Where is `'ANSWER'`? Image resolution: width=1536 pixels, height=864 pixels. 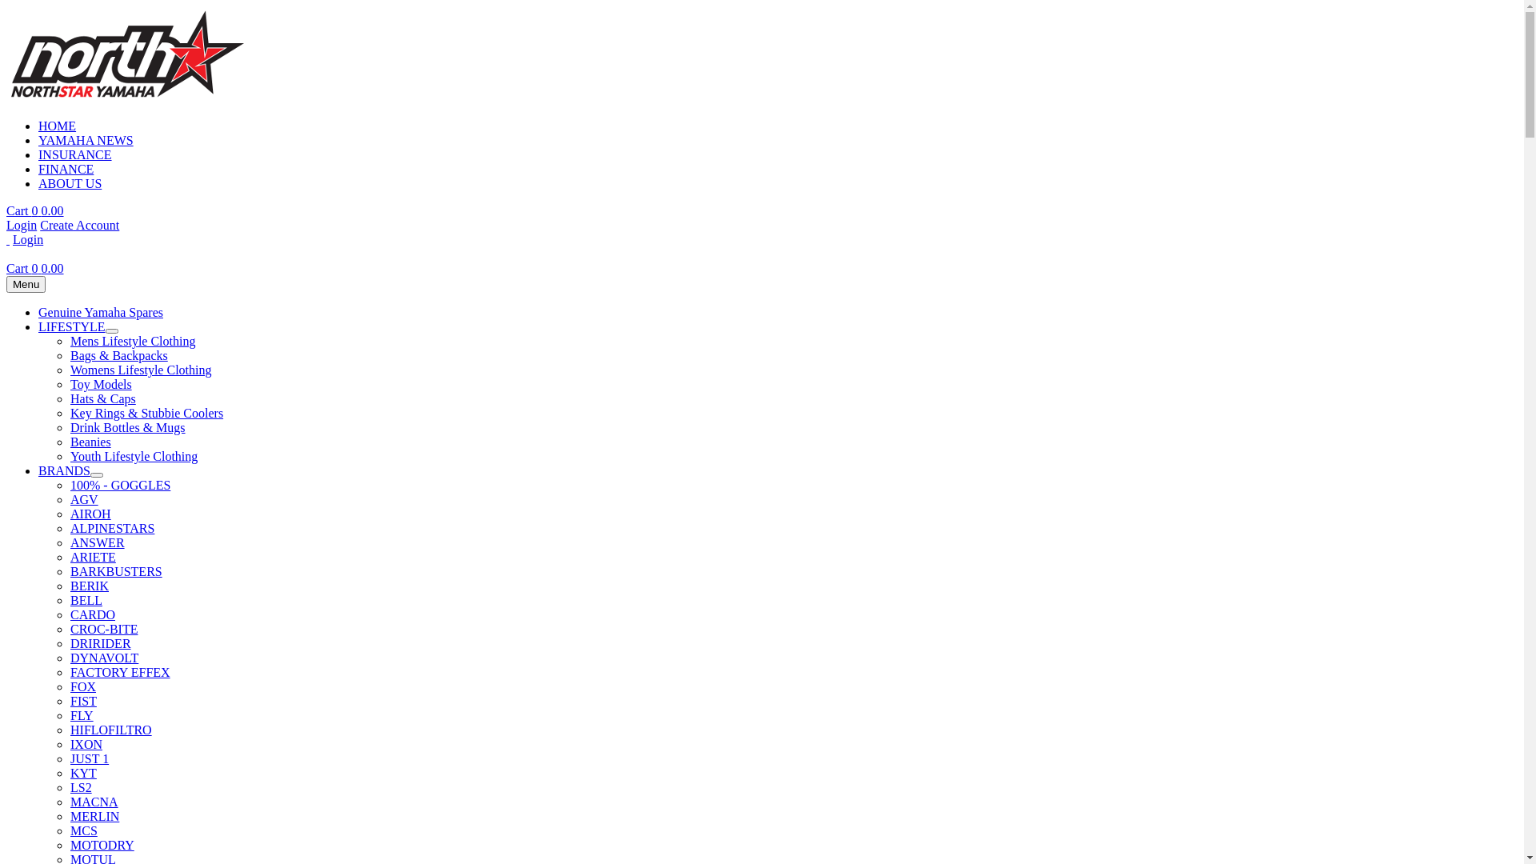 'ANSWER' is located at coordinates (96, 542).